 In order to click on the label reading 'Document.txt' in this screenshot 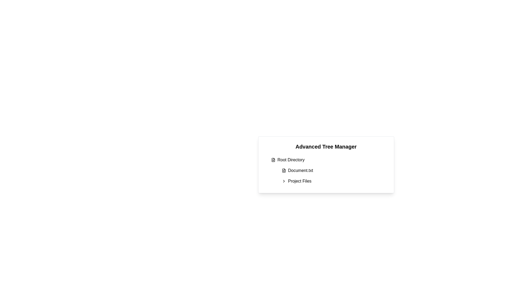, I will do `click(300, 170)`.